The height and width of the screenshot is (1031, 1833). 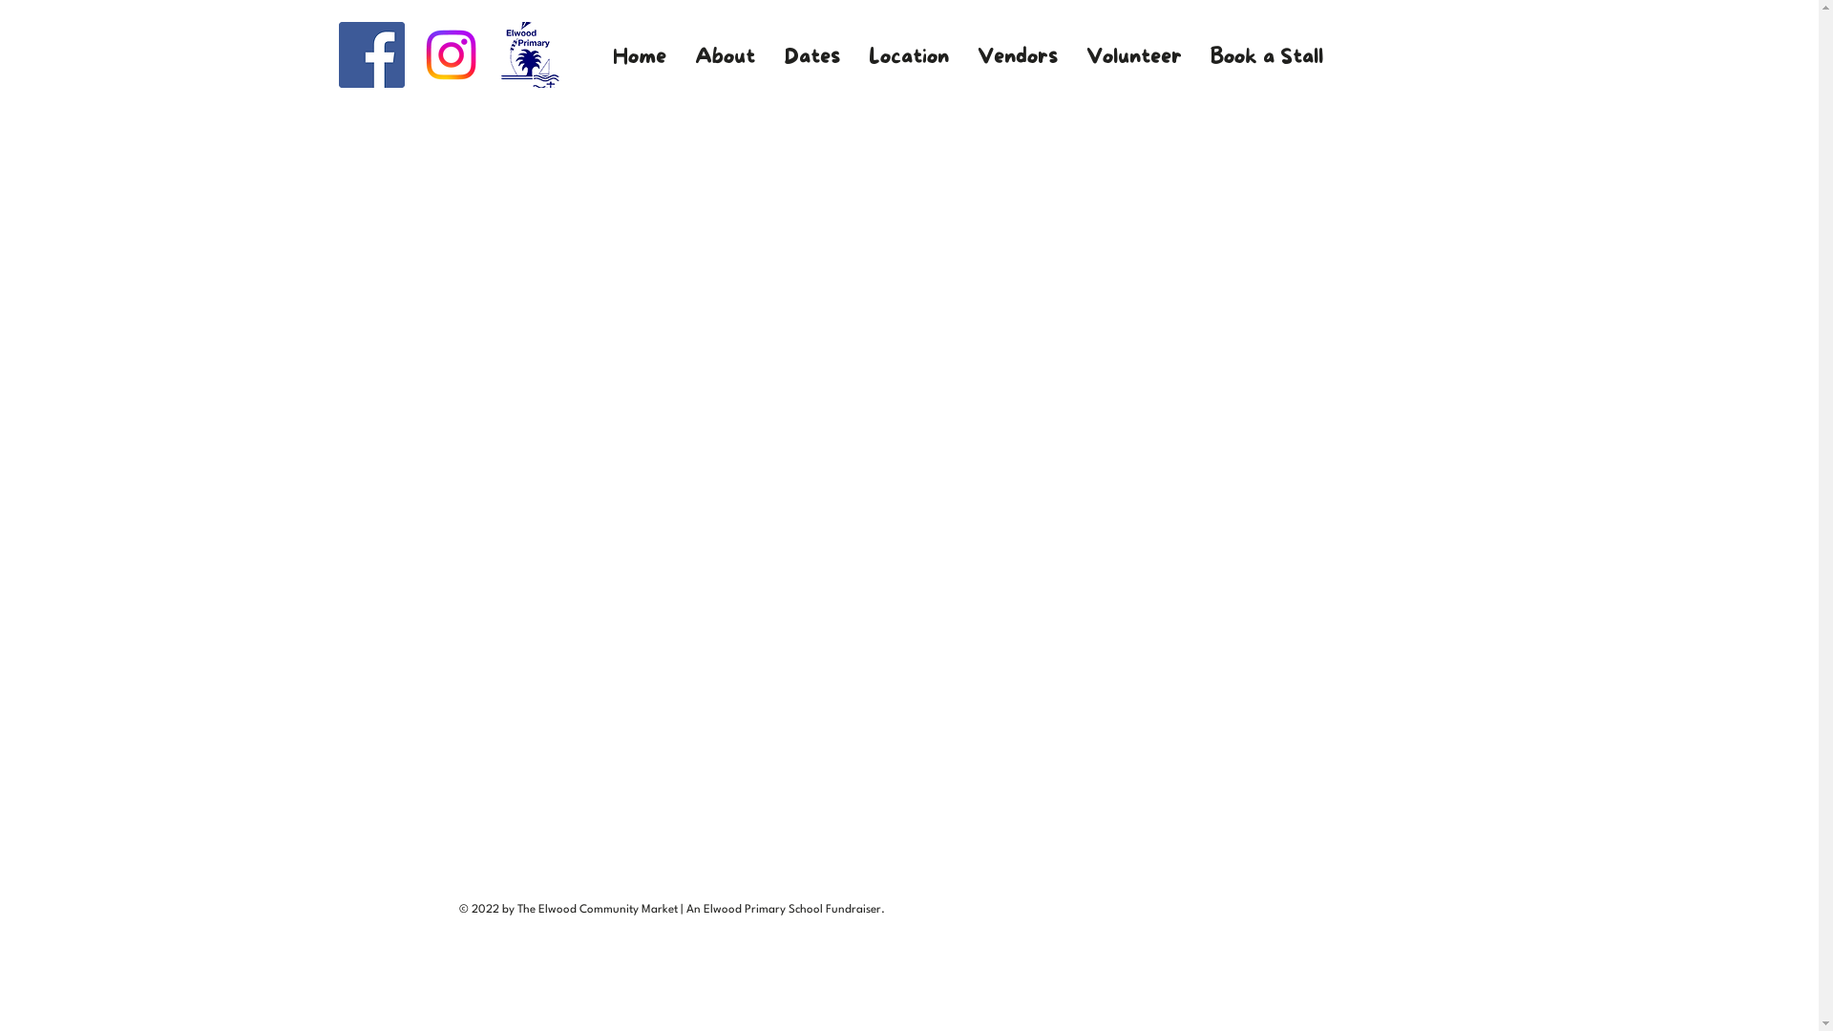 What do you see at coordinates (1132, 56) in the screenshot?
I see `'Volunteer'` at bounding box center [1132, 56].